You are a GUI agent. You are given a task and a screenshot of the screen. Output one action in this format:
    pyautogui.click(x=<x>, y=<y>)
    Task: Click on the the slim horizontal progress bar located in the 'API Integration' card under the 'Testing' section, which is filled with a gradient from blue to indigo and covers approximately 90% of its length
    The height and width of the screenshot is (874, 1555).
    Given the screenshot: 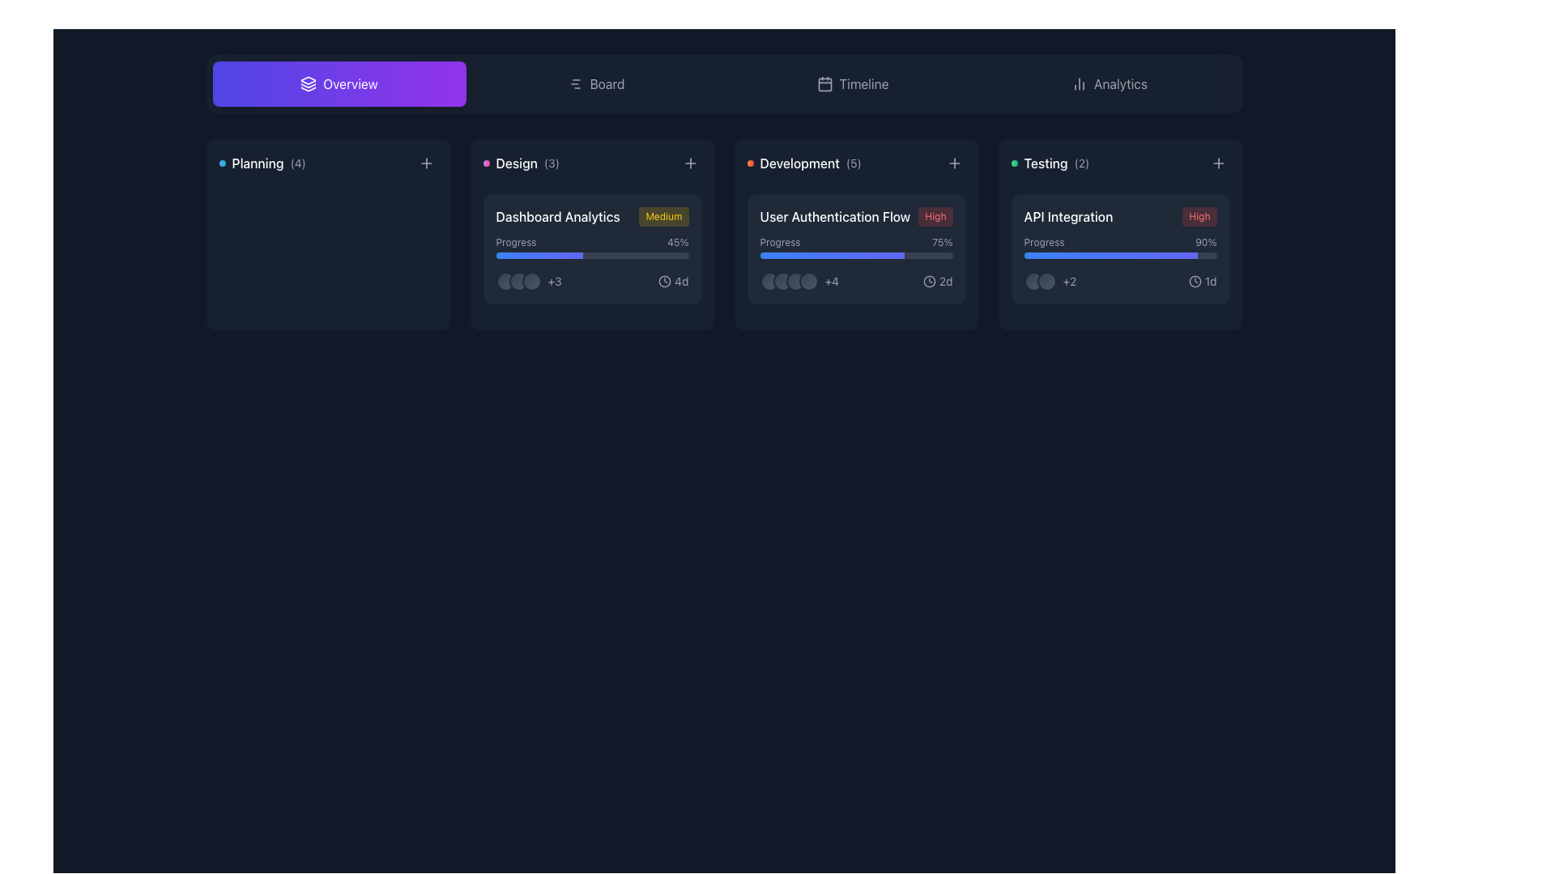 What is the action you would take?
    pyautogui.click(x=1119, y=255)
    